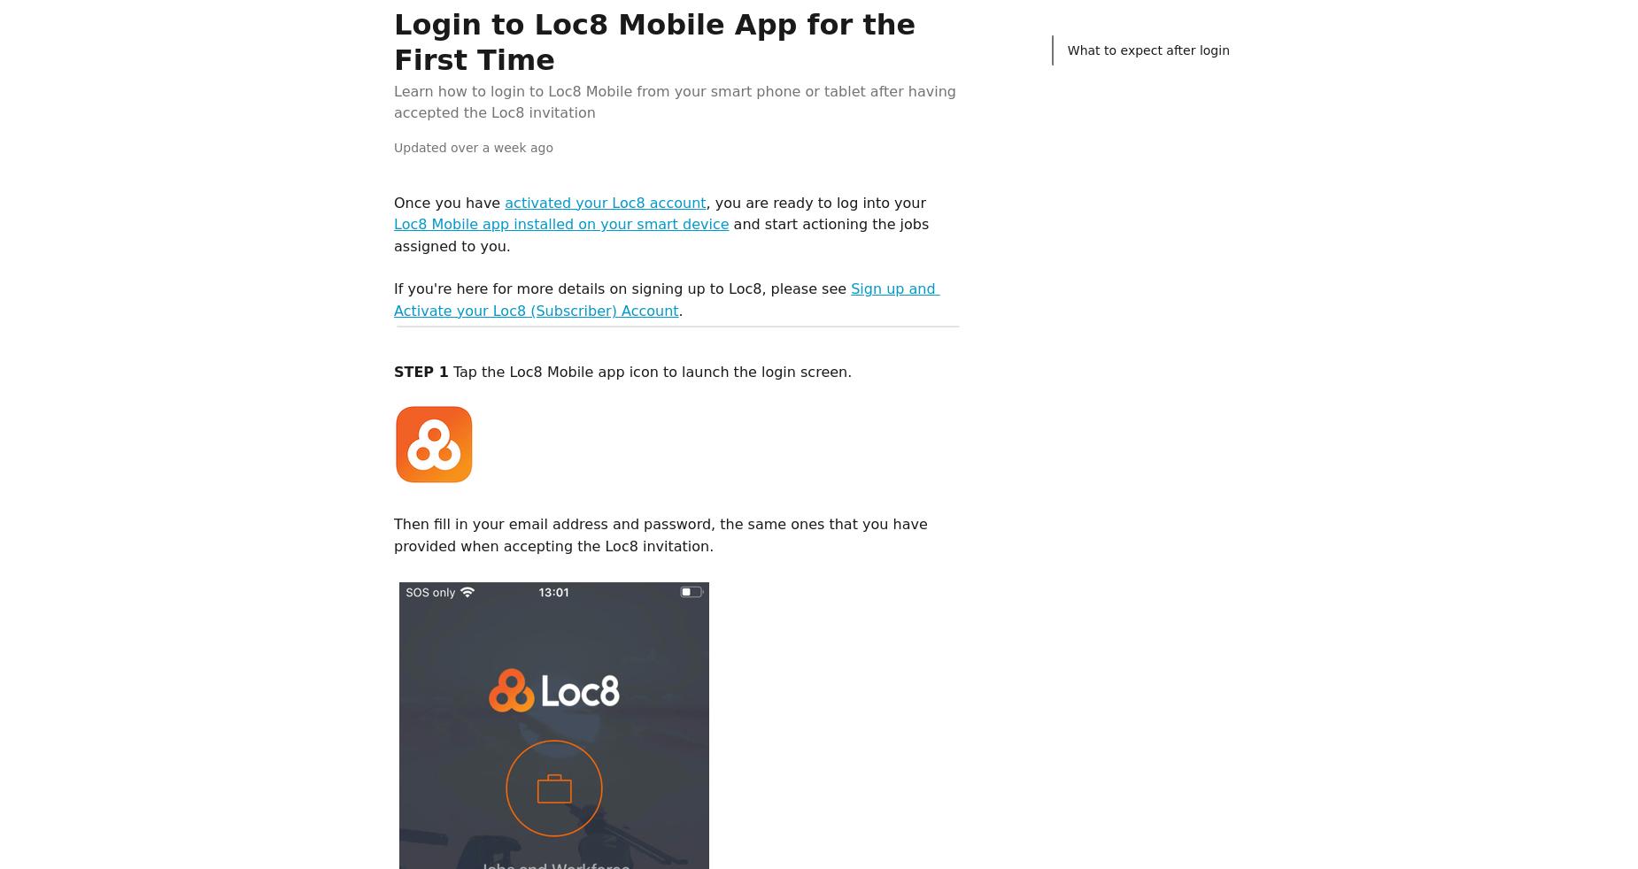  I want to click on 'Learn how to login to Loc8 Mobile from your smart phone or tablet after having accepted the Loc8 invitation', so click(675, 101).